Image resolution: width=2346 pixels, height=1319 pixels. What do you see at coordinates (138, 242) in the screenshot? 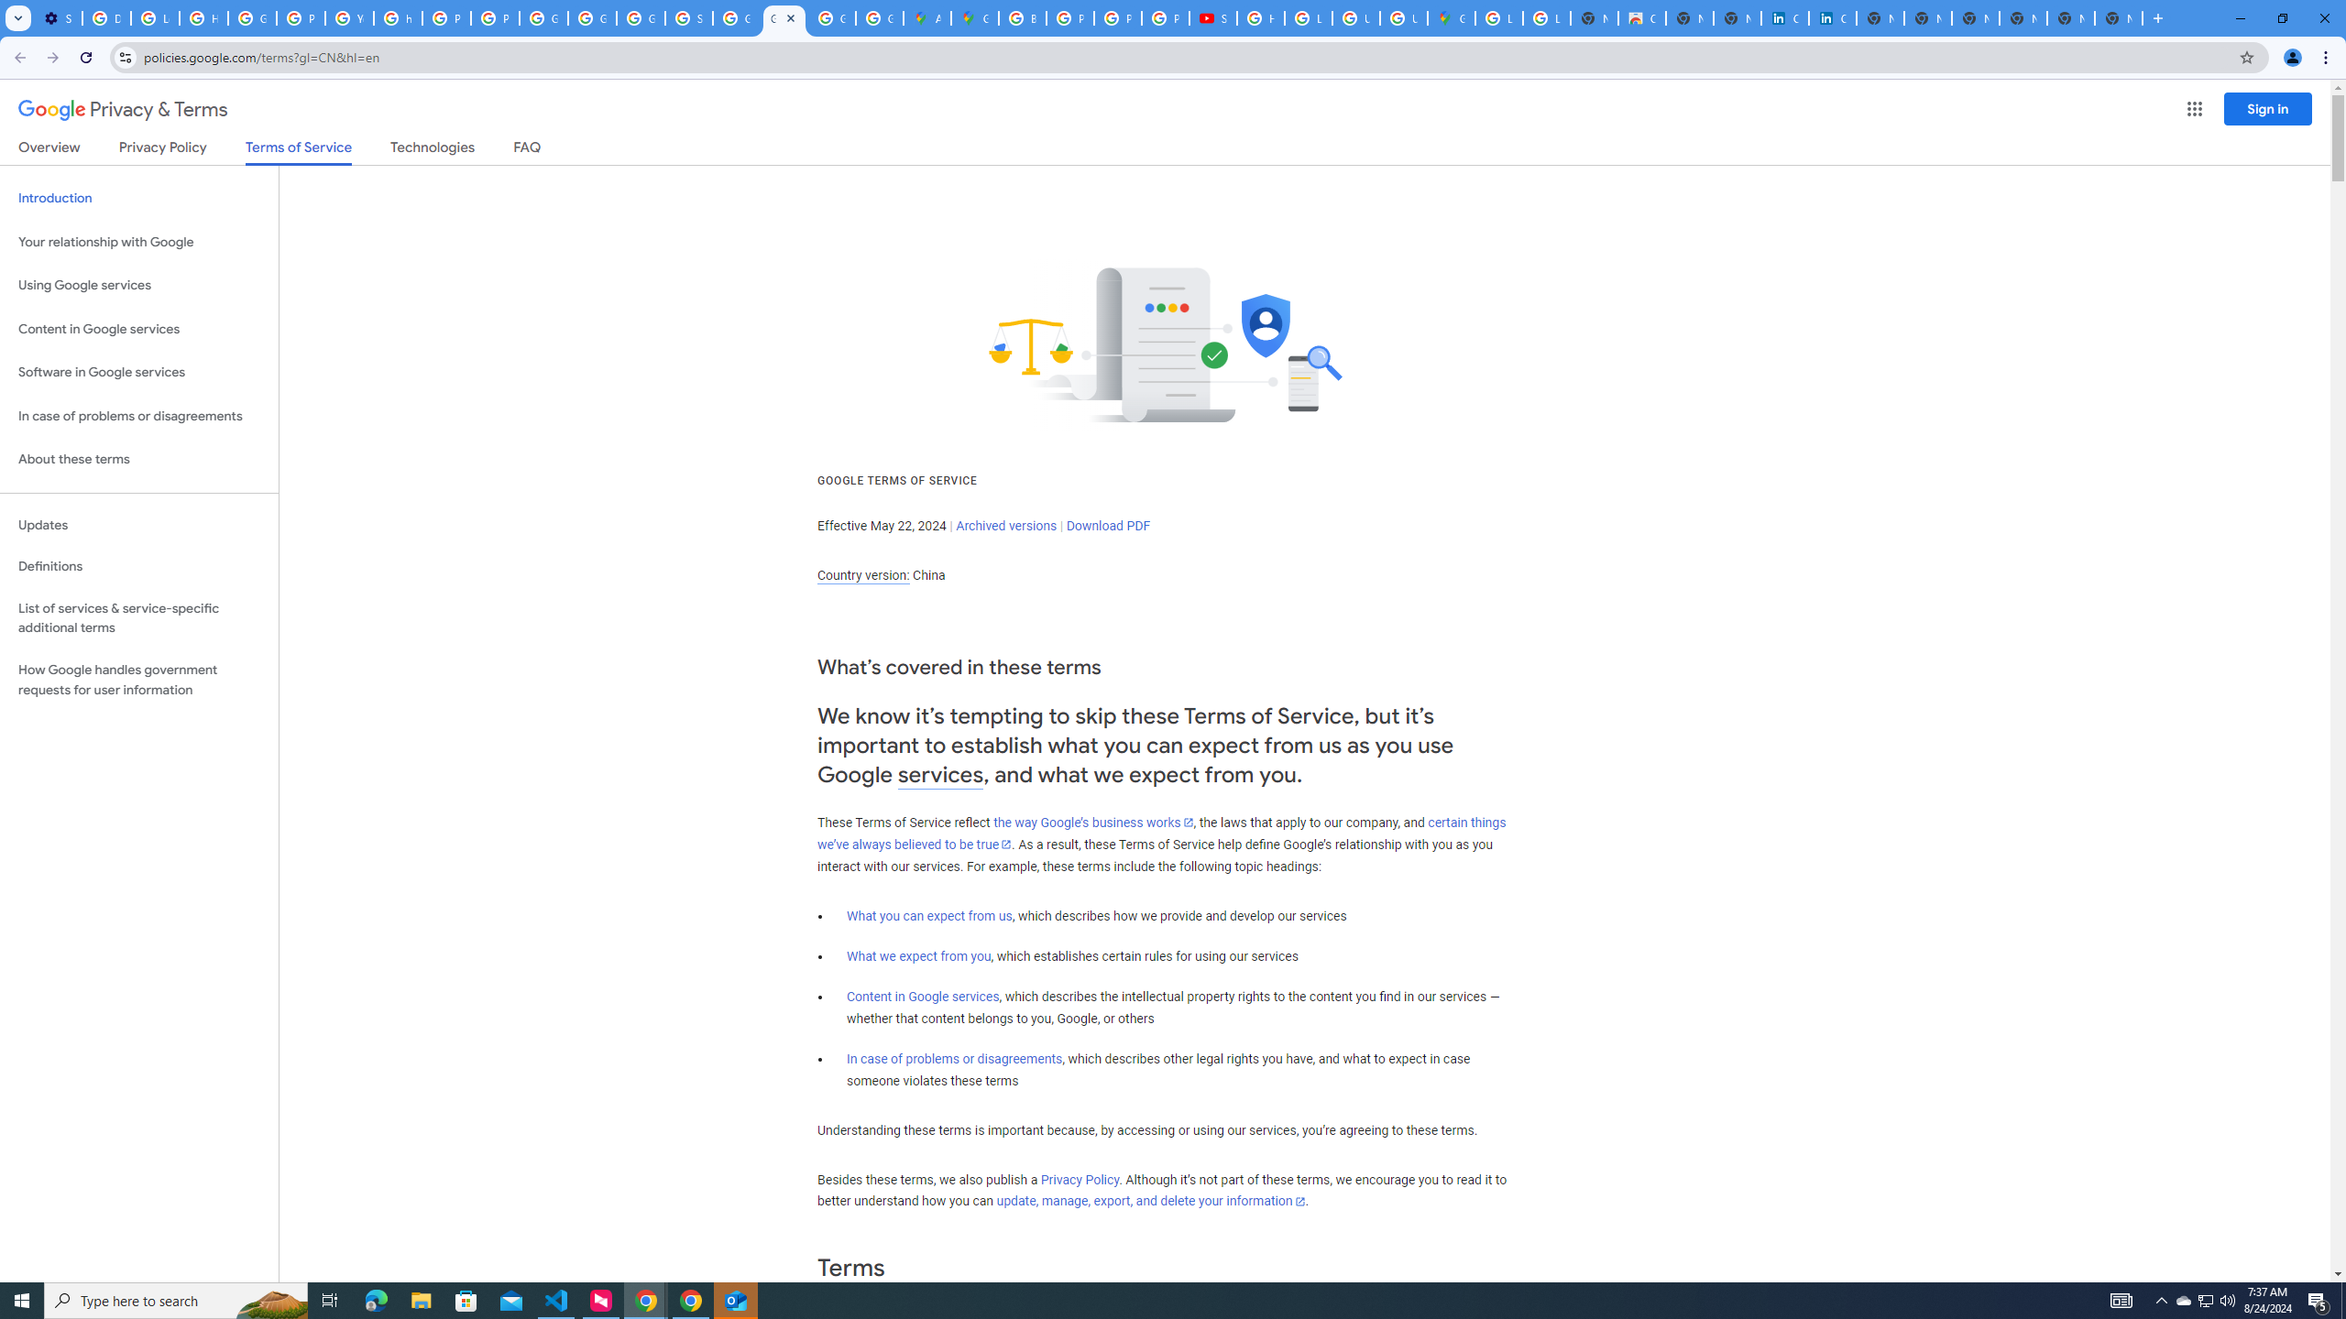
I see `'Your relationship with Google'` at bounding box center [138, 242].